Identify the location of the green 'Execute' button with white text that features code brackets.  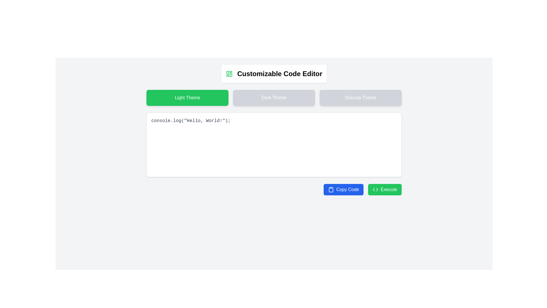
(385, 189).